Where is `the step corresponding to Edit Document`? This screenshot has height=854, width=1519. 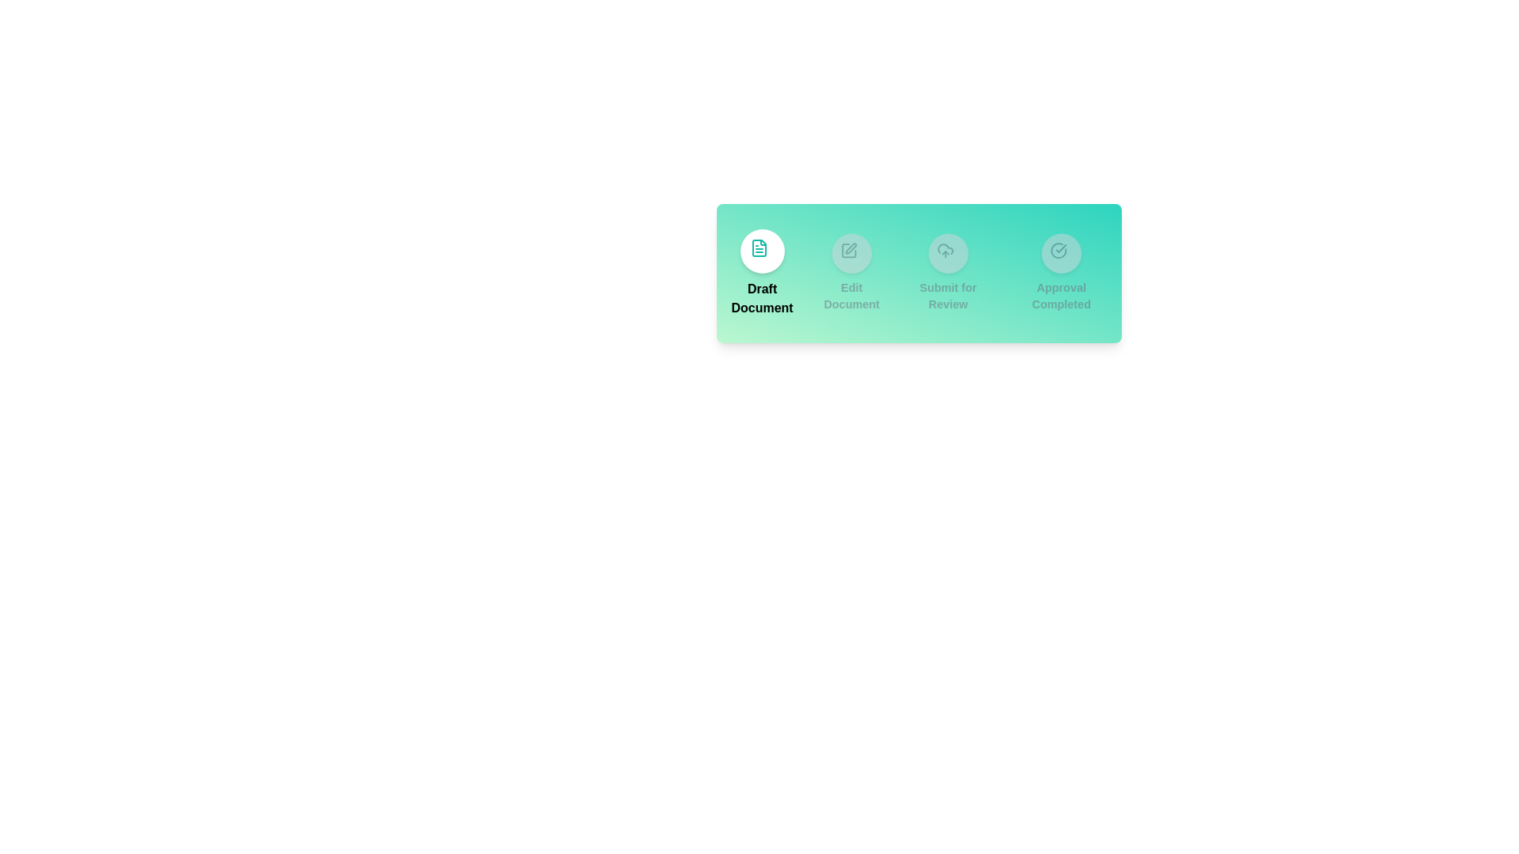
the step corresponding to Edit Document is located at coordinates (850, 273).